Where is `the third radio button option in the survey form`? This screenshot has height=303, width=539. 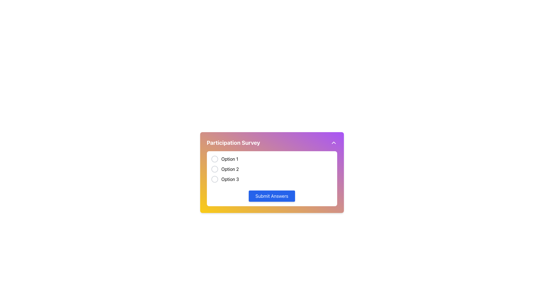 the third radio button option in the survey form is located at coordinates (272, 179).